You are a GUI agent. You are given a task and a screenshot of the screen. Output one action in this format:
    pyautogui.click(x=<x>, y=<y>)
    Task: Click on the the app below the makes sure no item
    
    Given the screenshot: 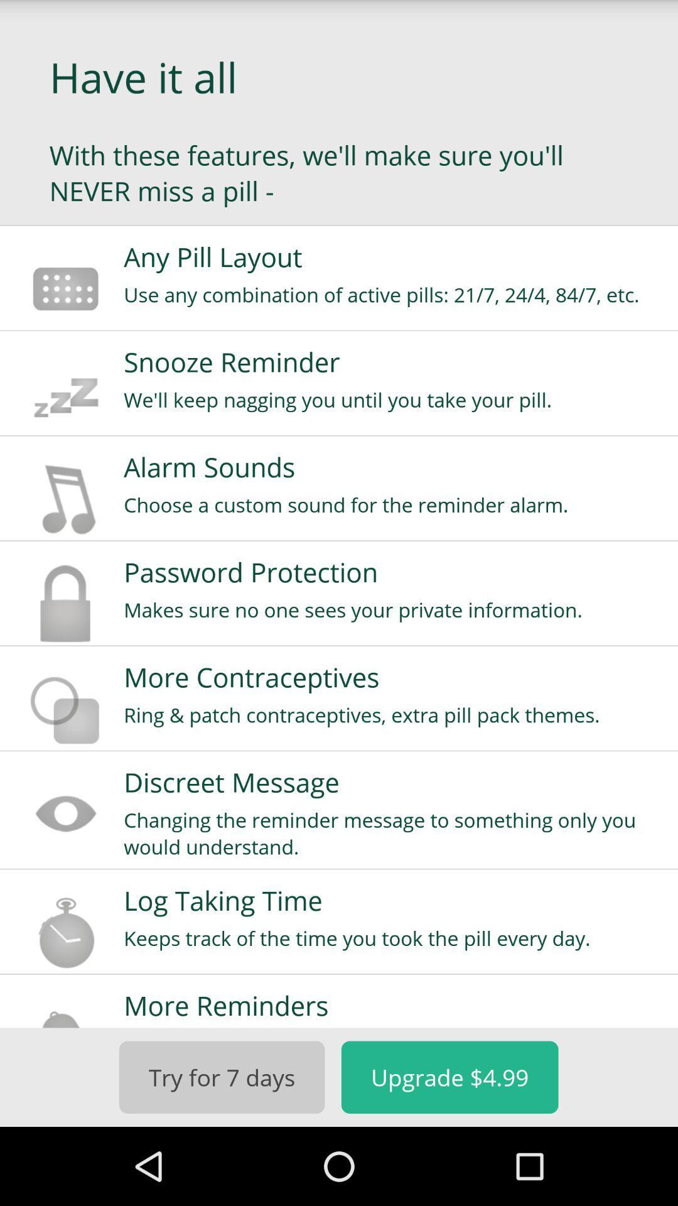 What is the action you would take?
    pyautogui.click(x=392, y=676)
    